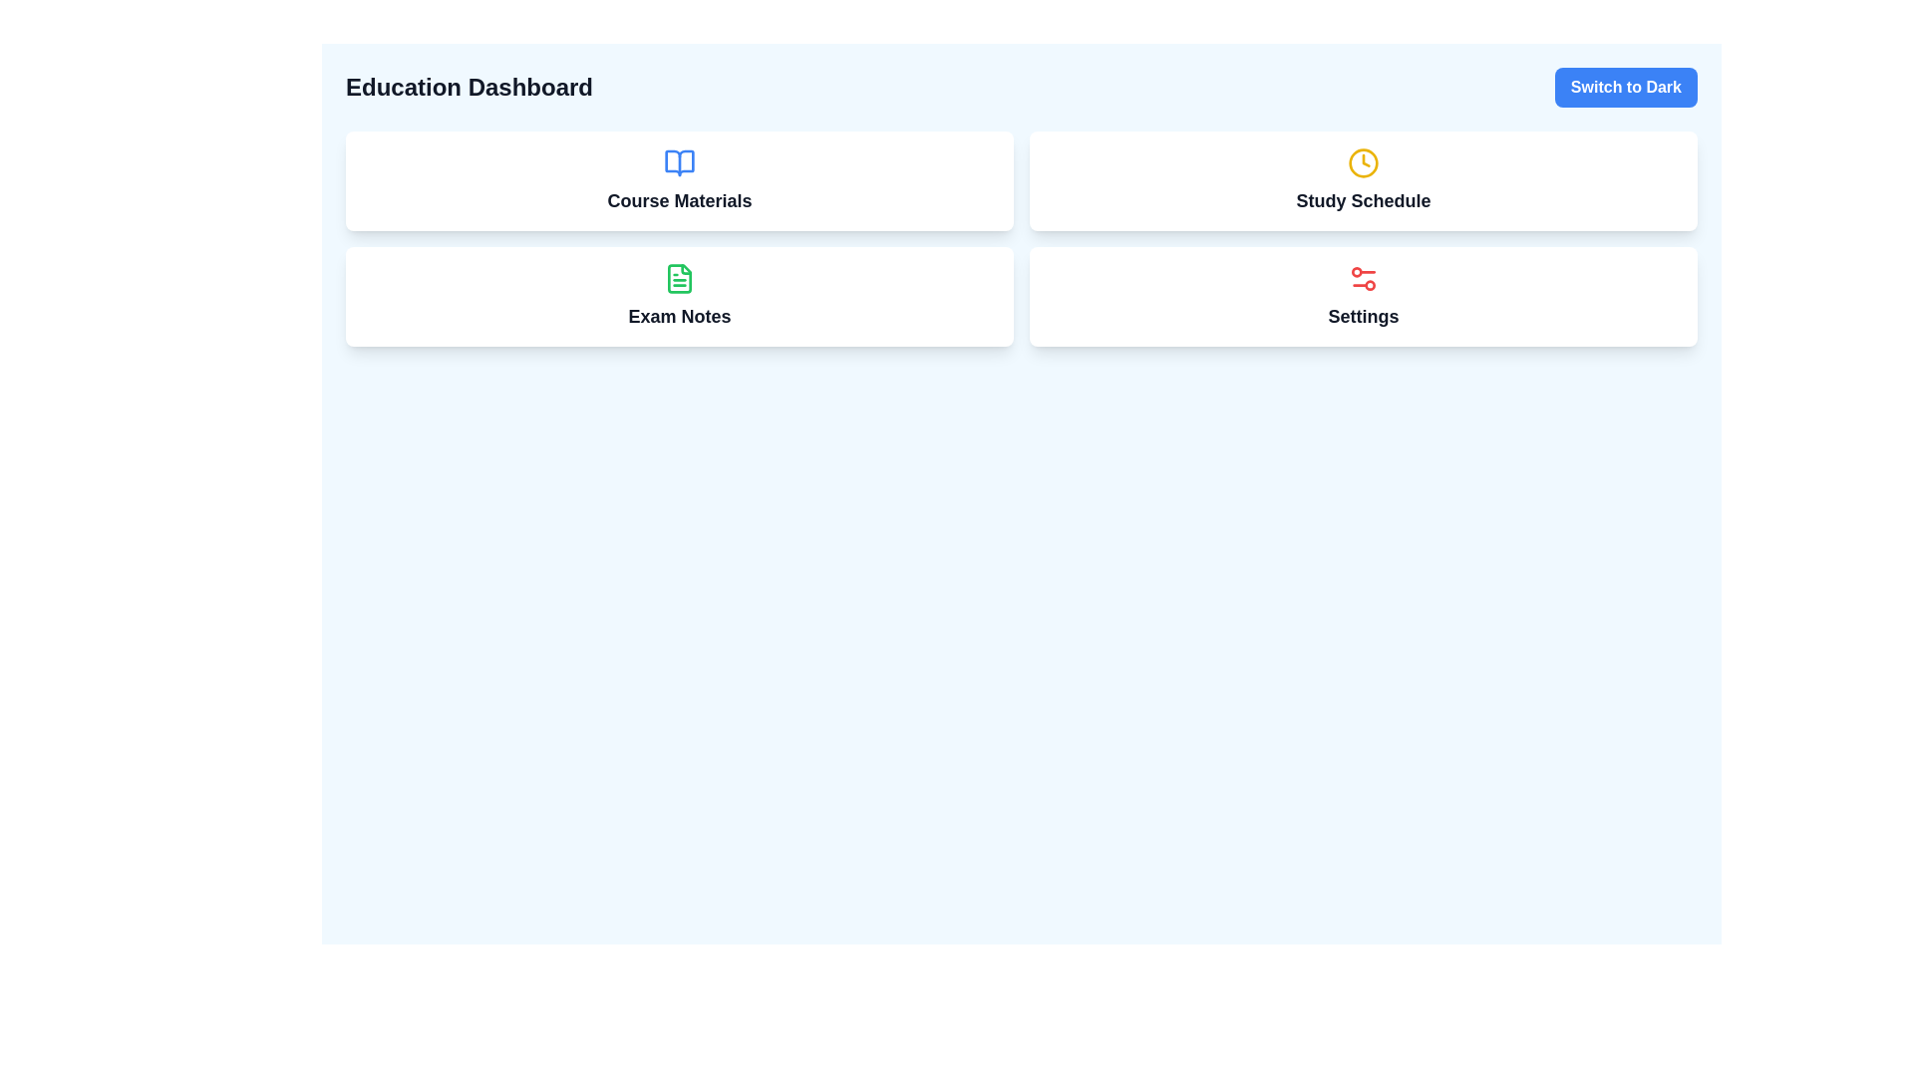 This screenshot has width=1914, height=1076. What do you see at coordinates (679, 180) in the screenshot?
I see `the 'Course Materials' card component, which is a rectangular card with a white background, rounded corners, and a blue book icon at the top center` at bounding box center [679, 180].